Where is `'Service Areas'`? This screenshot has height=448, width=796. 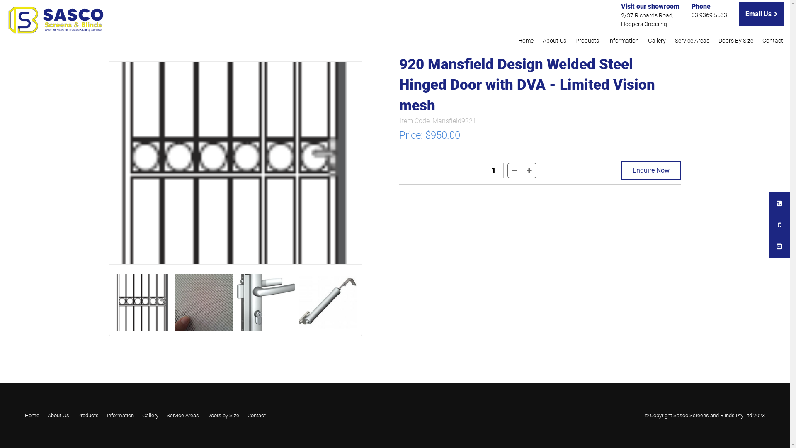
'Service Areas' is located at coordinates (692, 41).